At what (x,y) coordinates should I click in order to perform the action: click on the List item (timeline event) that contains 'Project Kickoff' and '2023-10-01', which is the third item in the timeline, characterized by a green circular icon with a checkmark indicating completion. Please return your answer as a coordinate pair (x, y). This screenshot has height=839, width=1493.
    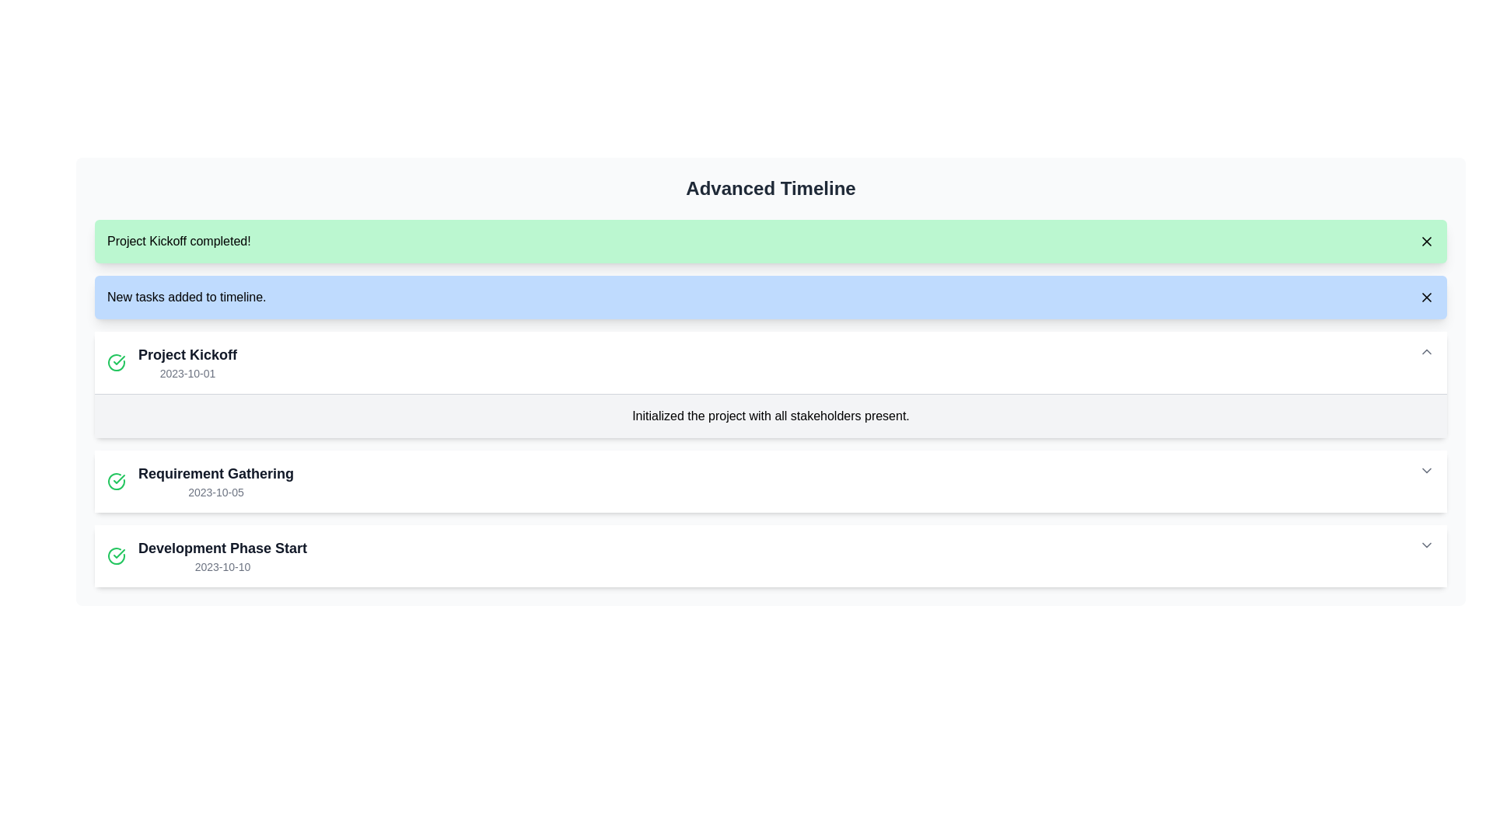
    Looking at the image, I should click on (172, 362).